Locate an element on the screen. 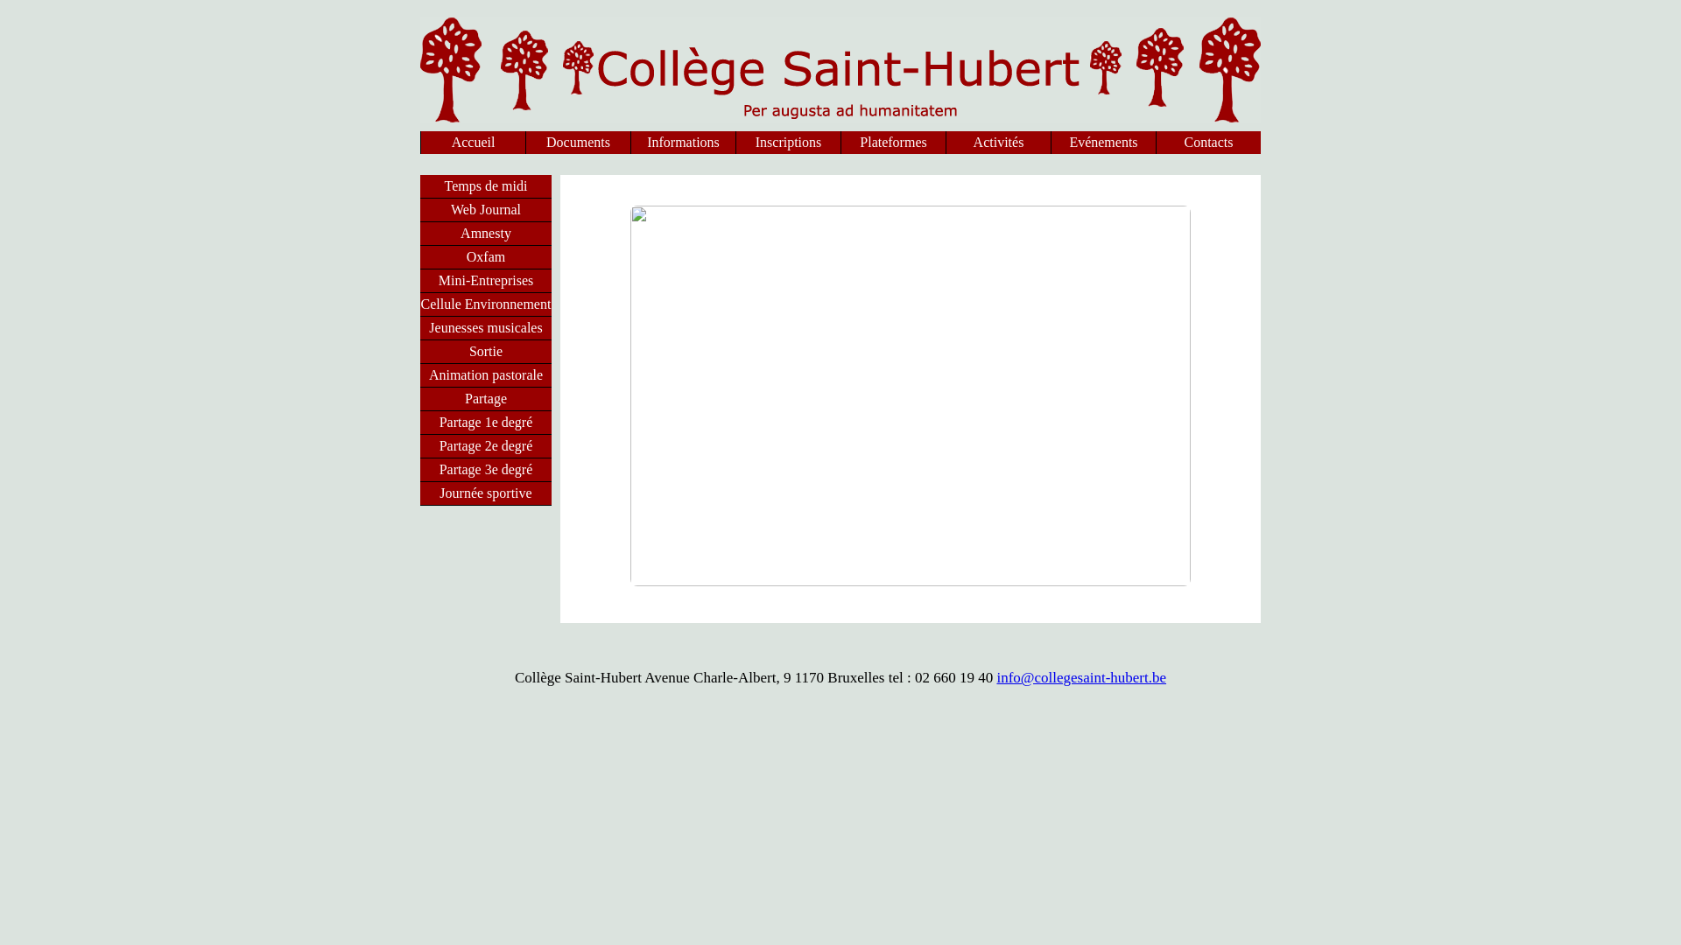 The image size is (1681, 945). 'Plateformes' is located at coordinates (893, 141).